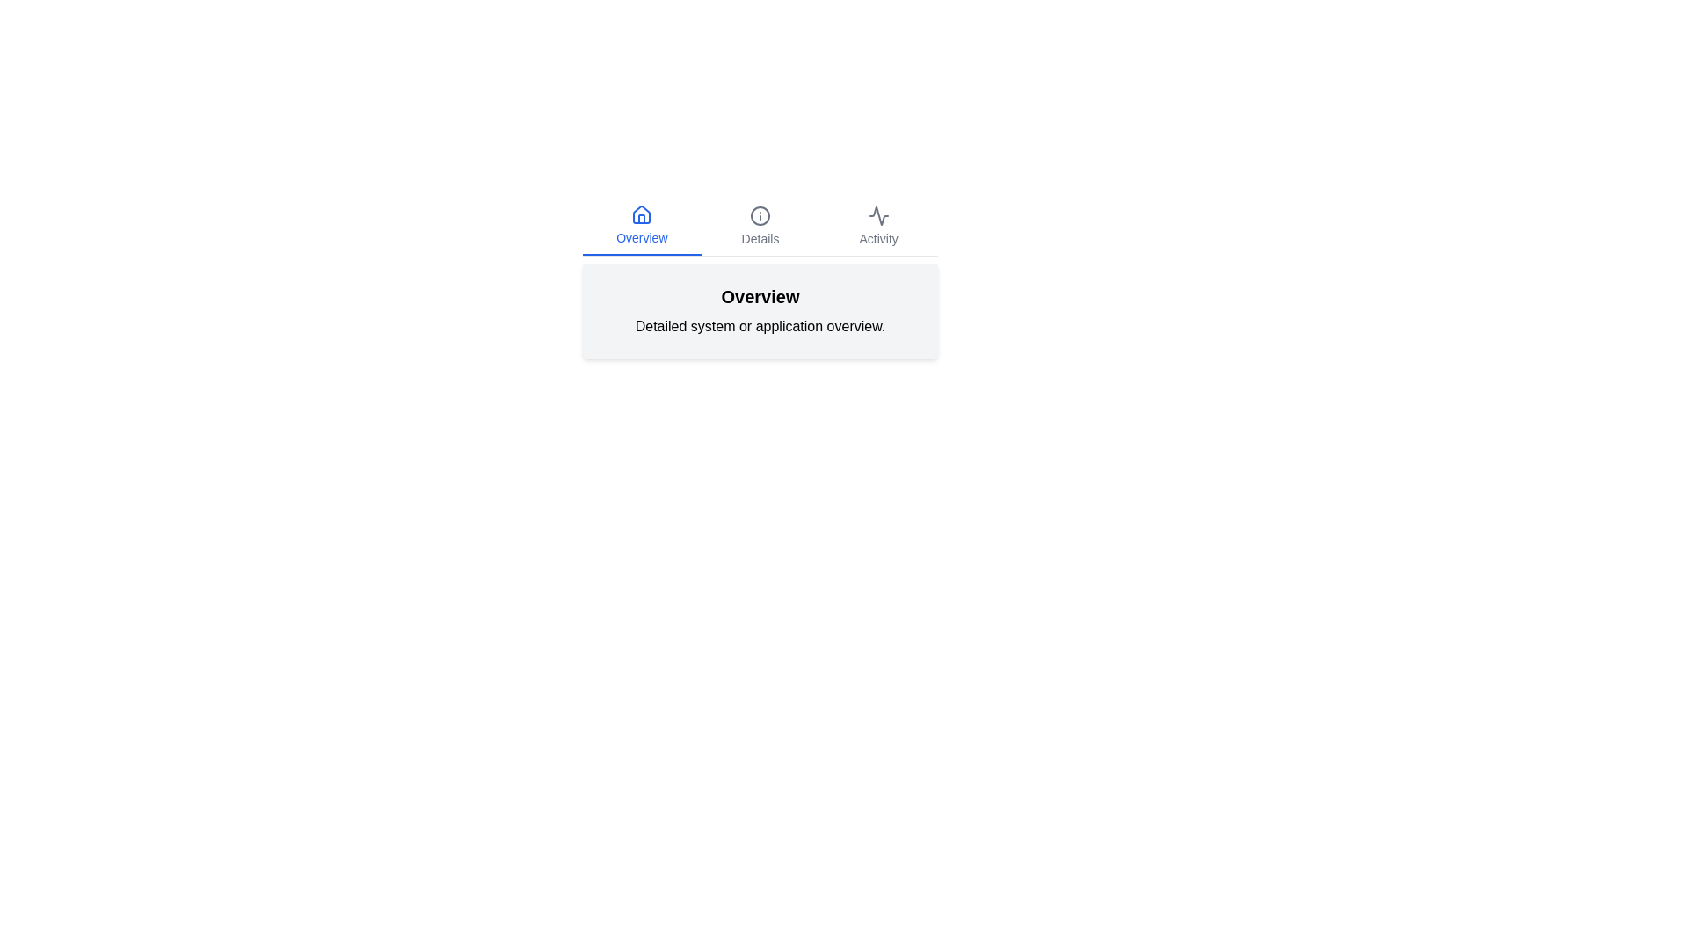 This screenshot has height=949, width=1688. I want to click on the icon of the tab labeled Activity, so click(877, 215).